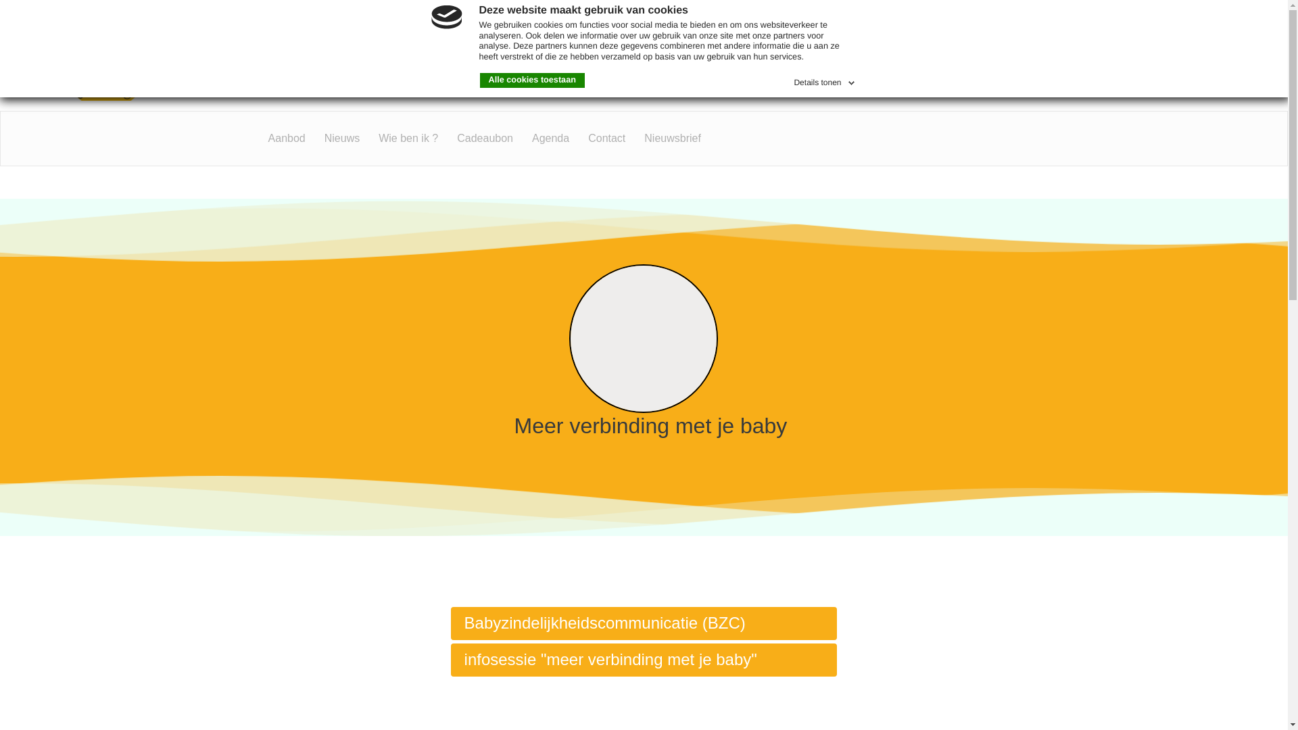 Image resolution: width=1298 pixels, height=730 pixels. Describe the element at coordinates (268, 138) in the screenshot. I see `'Aanbod'` at that location.